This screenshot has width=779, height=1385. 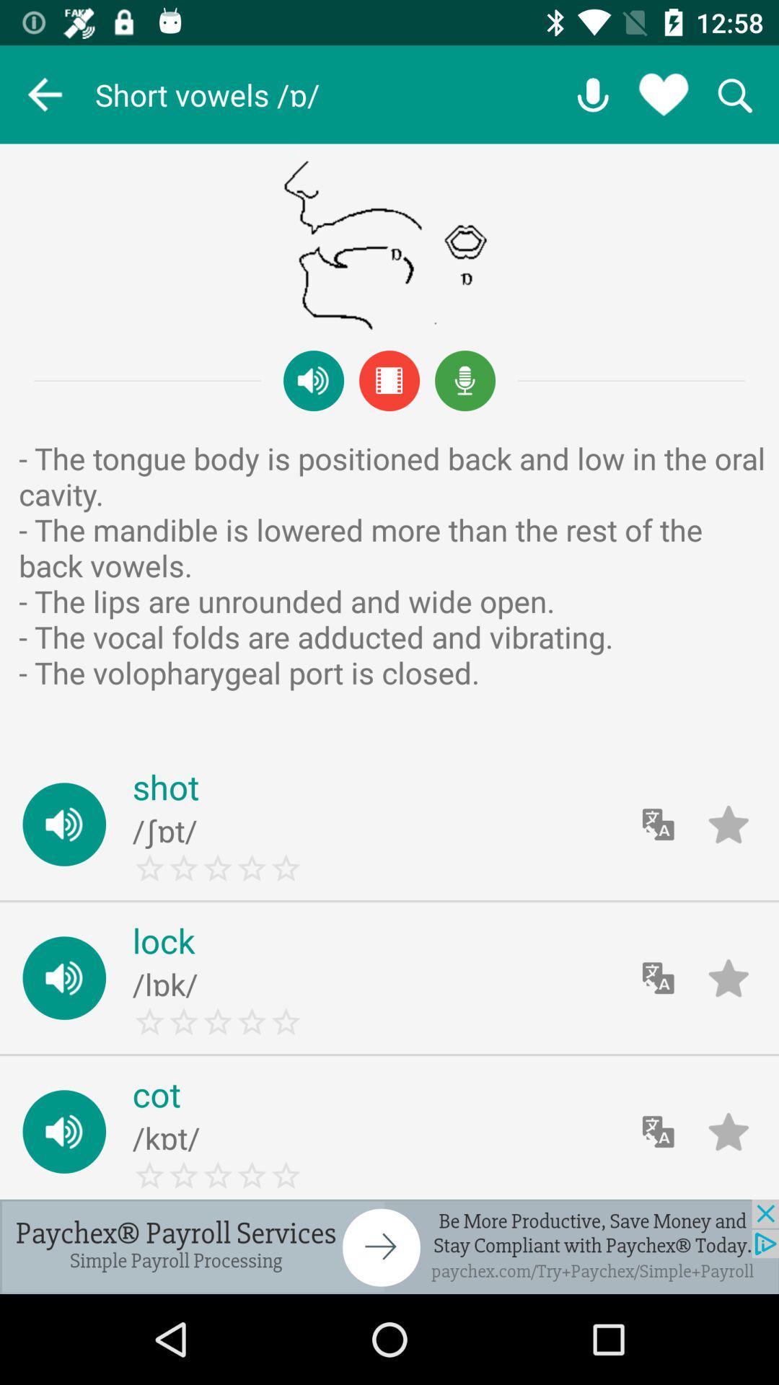 I want to click on the search icon, so click(x=734, y=94).